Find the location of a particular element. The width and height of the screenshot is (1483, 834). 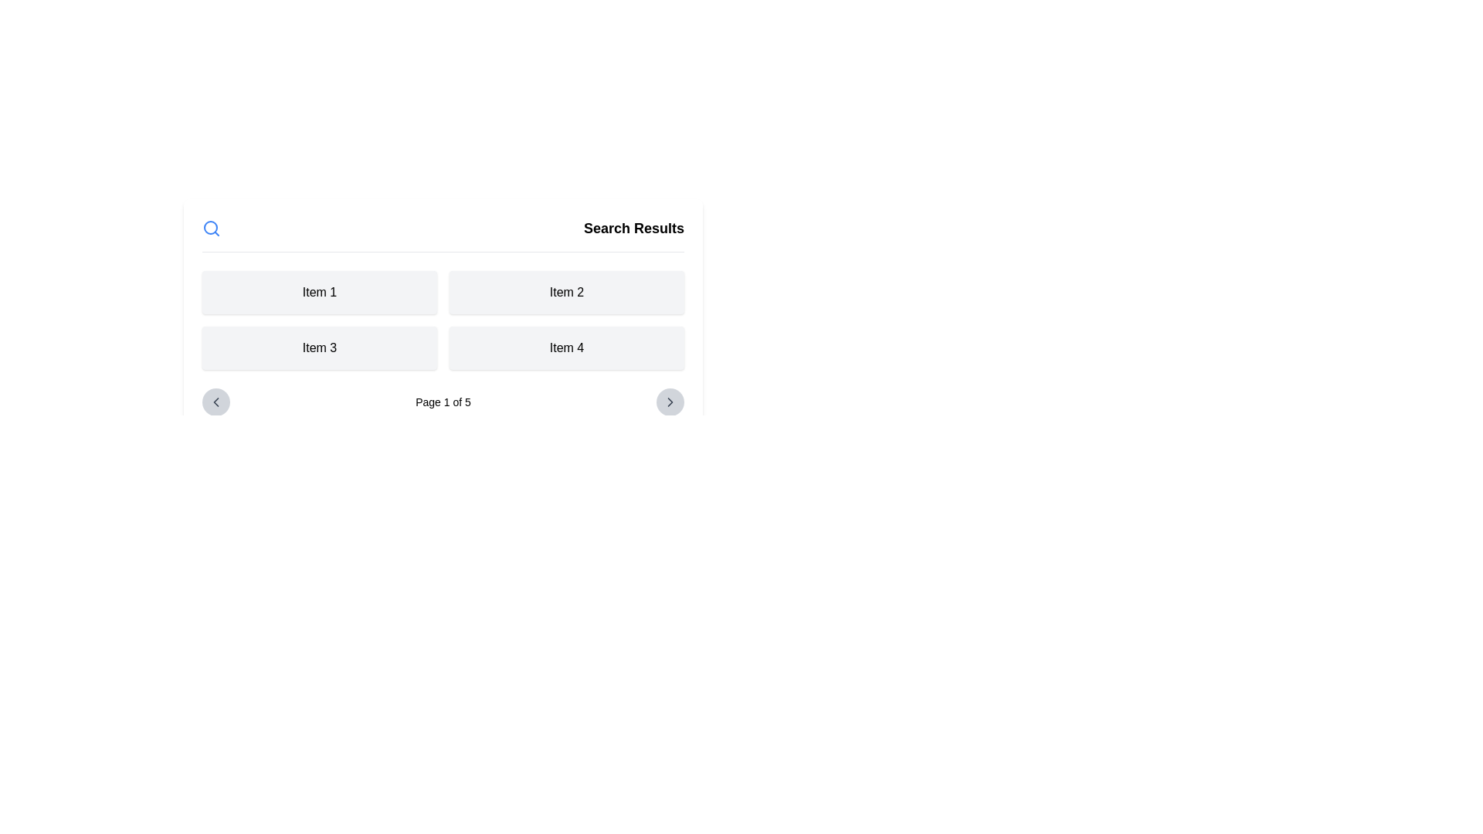

the label with the text 'Item 4', which is a rectangular element with a light gray background and rounded corners located in the bottom-right position of the grid is located at coordinates (566, 348).